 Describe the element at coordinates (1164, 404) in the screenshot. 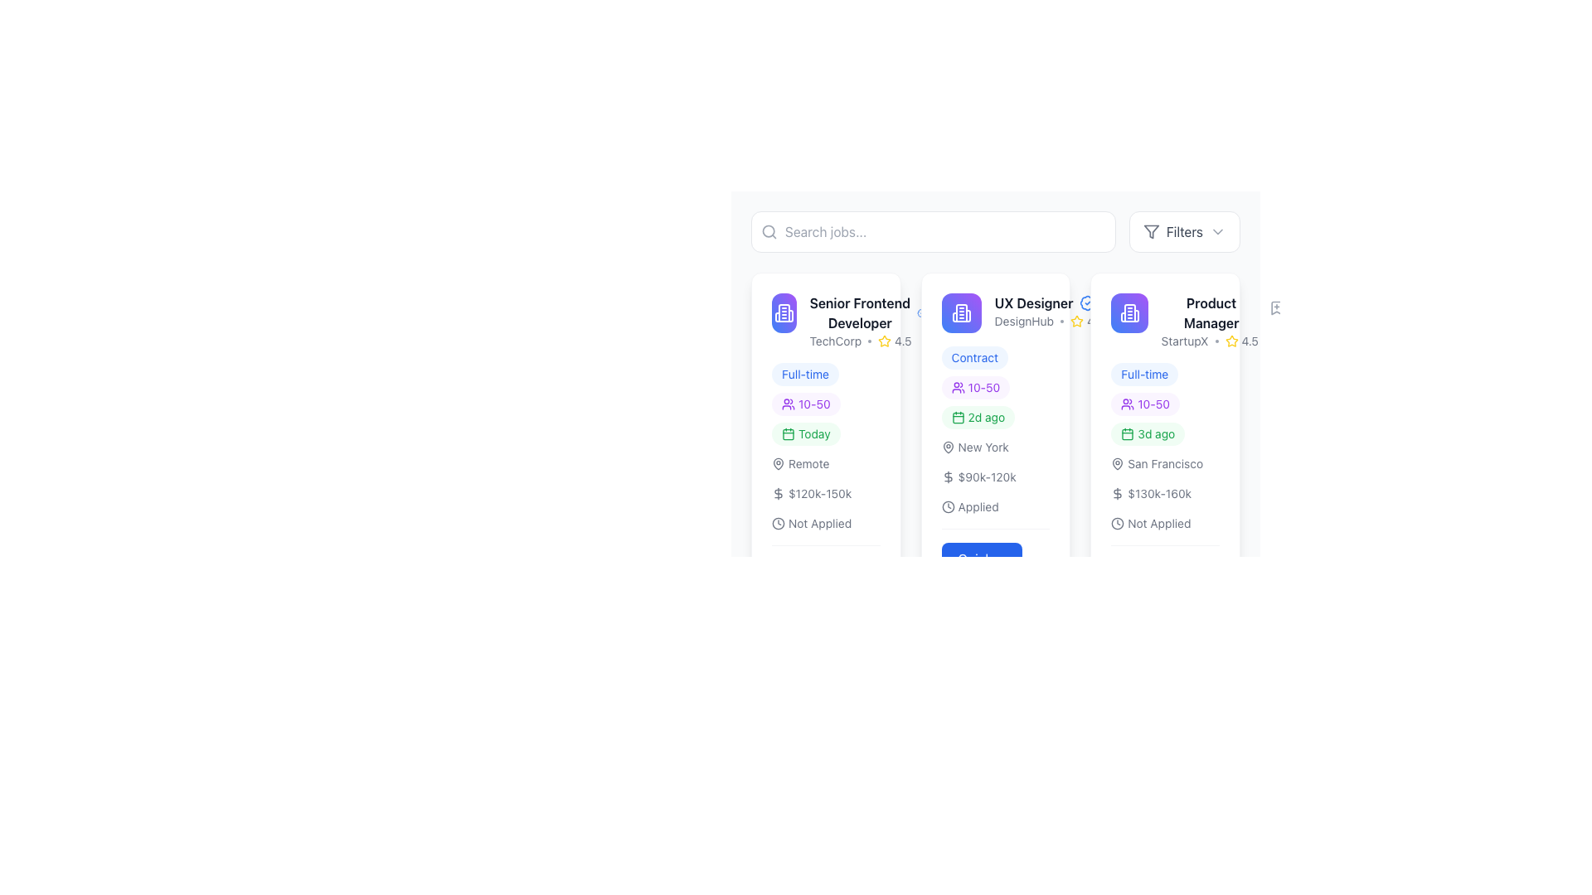

I see `the employment type and related information by interacting with the grouped element containing text and icon labels for the 'Product Manager' job listing` at that location.